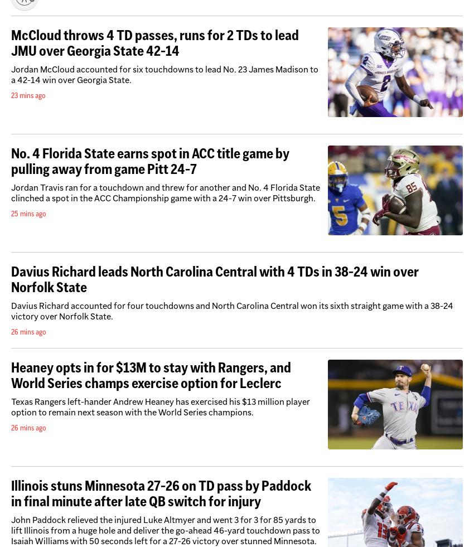 The height and width of the screenshot is (547, 474). Describe the element at coordinates (154, 42) in the screenshot. I see `'McCloud throws 4 TD passes, runs for 2 TDs to lead JMU over Georgia State 42-14'` at that location.